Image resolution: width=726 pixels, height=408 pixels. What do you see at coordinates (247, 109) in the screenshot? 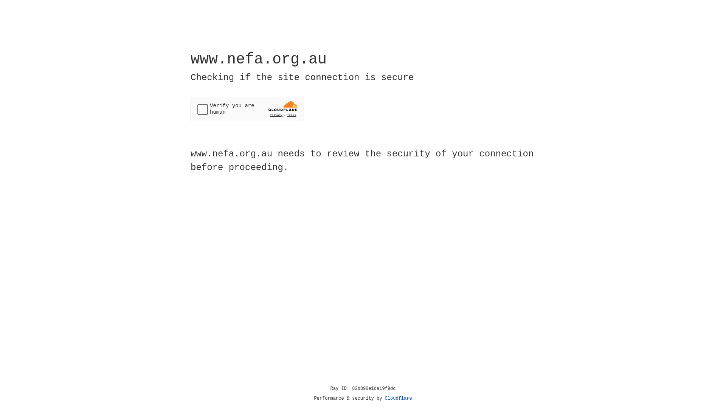
I see `'Widget containing a Cloudflare security challenge'` at bounding box center [247, 109].